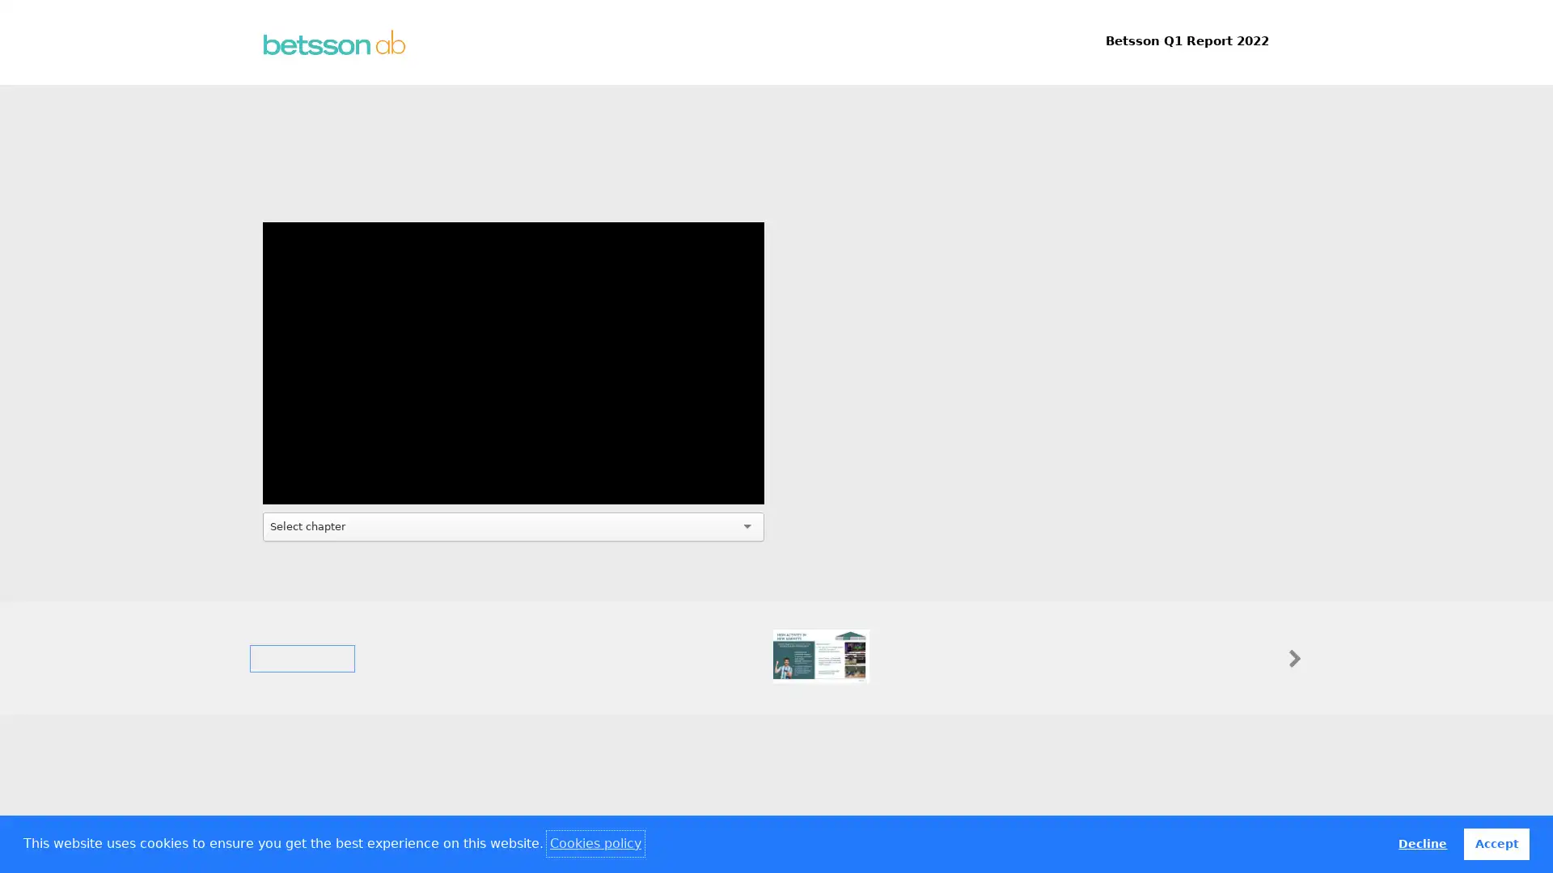  I want to click on Play, so click(287, 479).